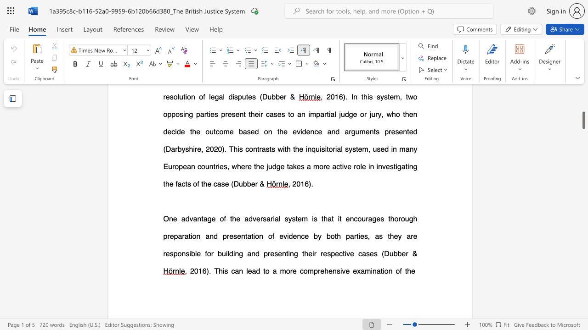 This screenshot has width=588, height=330. I want to click on the 1th character "g" in the text, so click(241, 253).